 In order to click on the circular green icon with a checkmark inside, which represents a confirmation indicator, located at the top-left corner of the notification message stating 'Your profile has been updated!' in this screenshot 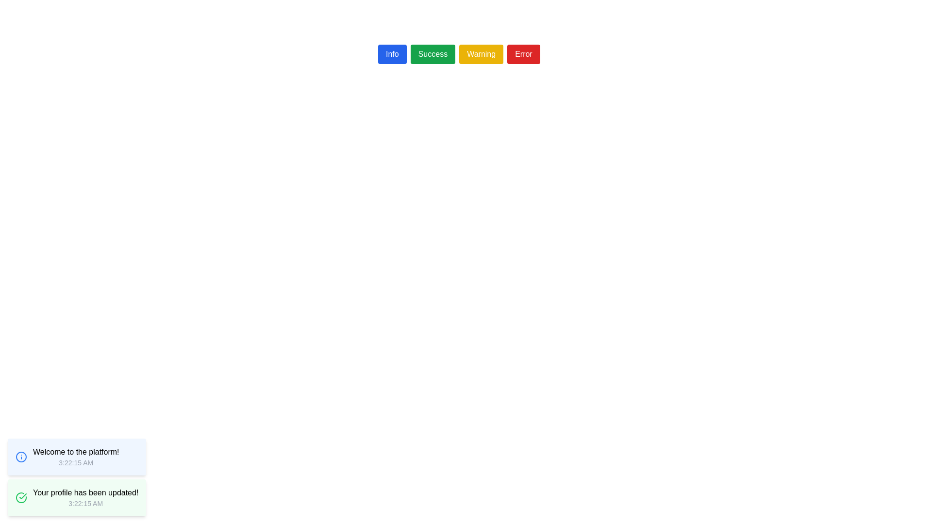, I will do `click(21, 498)`.